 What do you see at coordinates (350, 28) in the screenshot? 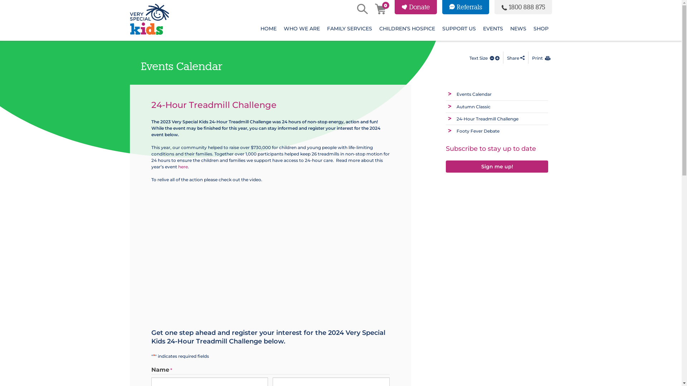
I see `'FAMILY SERVICES'` at bounding box center [350, 28].